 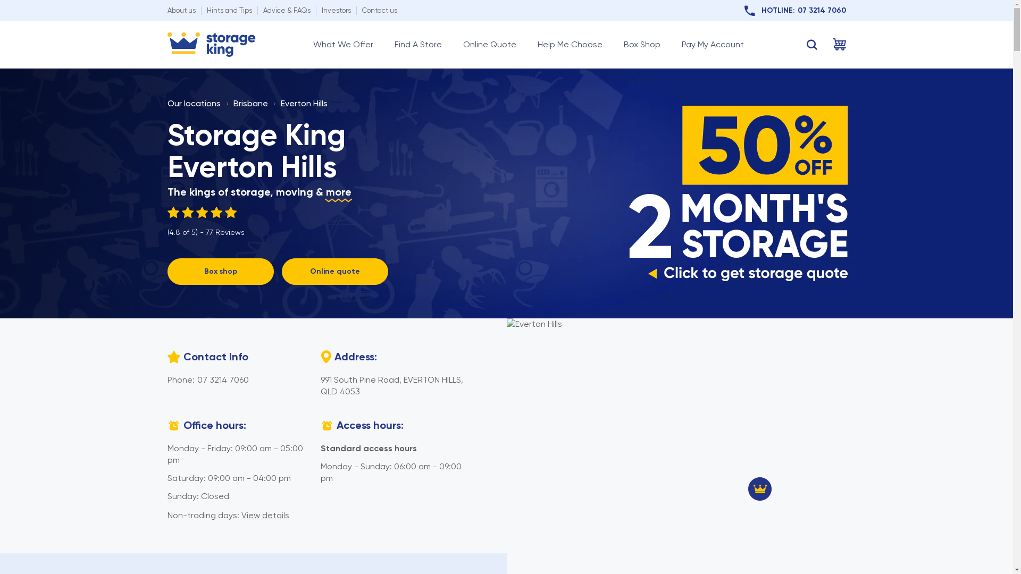 I want to click on 'HOTLINE:, so click(x=795, y=10).